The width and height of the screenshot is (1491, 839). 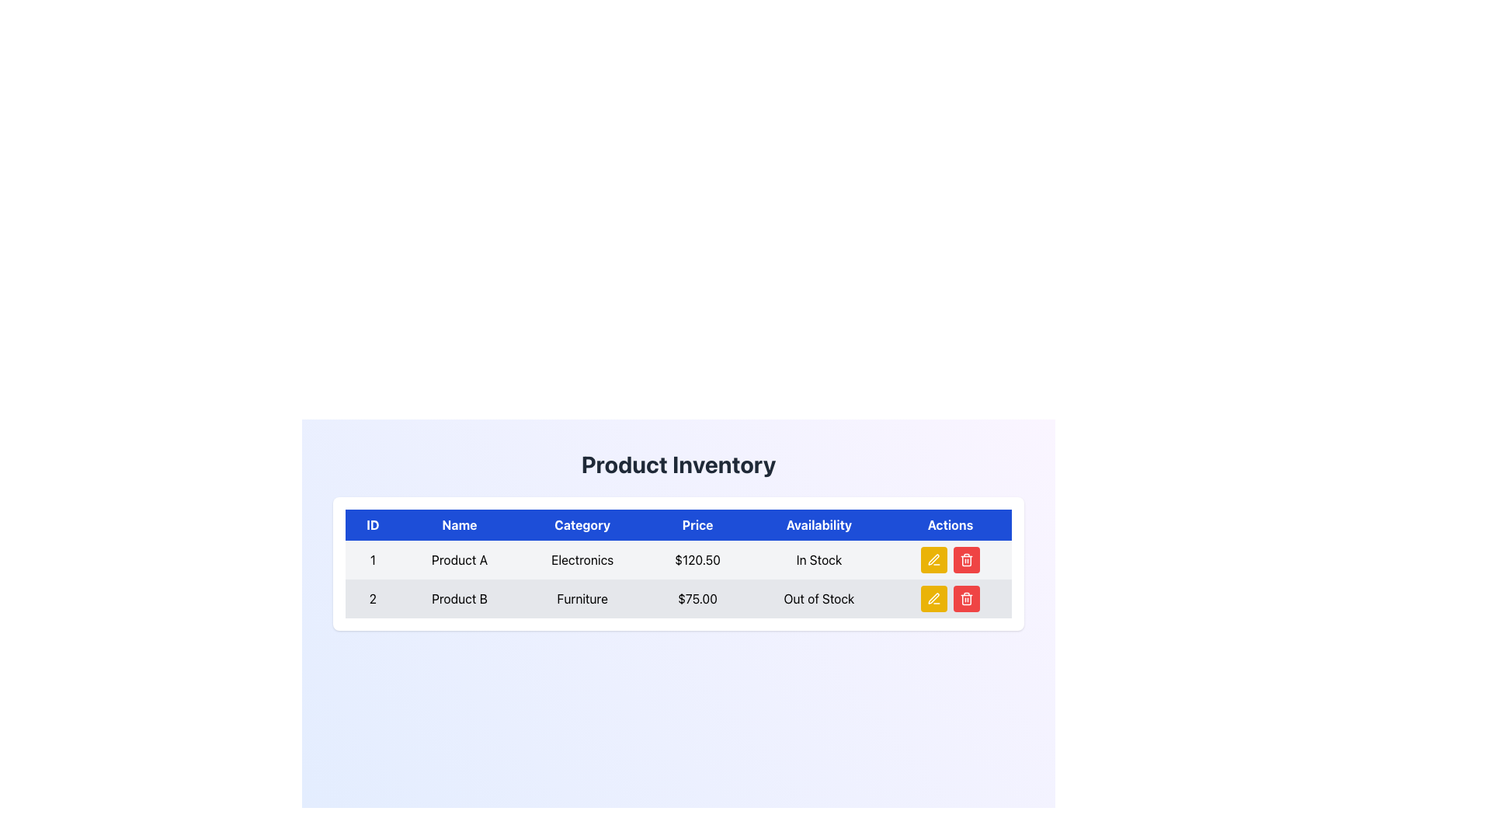 What do you see at coordinates (818, 598) in the screenshot?
I see `the text label indicating stock status for the product 'Furniture' priced at $75.00, which shows that the product is currently unavailable` at bounding box center [818, 598].